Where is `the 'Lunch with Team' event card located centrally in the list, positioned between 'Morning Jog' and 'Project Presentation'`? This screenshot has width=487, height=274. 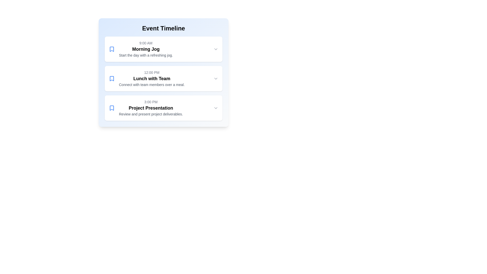
the 'Lunch with Team' event card located centrally in the list, positioned between 'Morning Jog' and 'Project Presentation' is located at coordinates (163, 78).